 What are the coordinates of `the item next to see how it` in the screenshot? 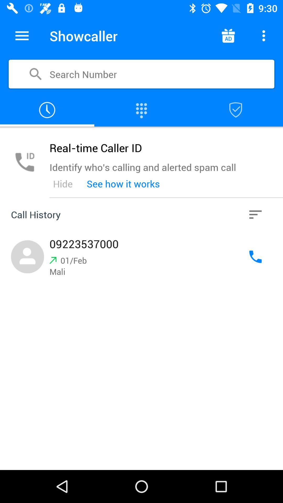 It's located at (62, 184).